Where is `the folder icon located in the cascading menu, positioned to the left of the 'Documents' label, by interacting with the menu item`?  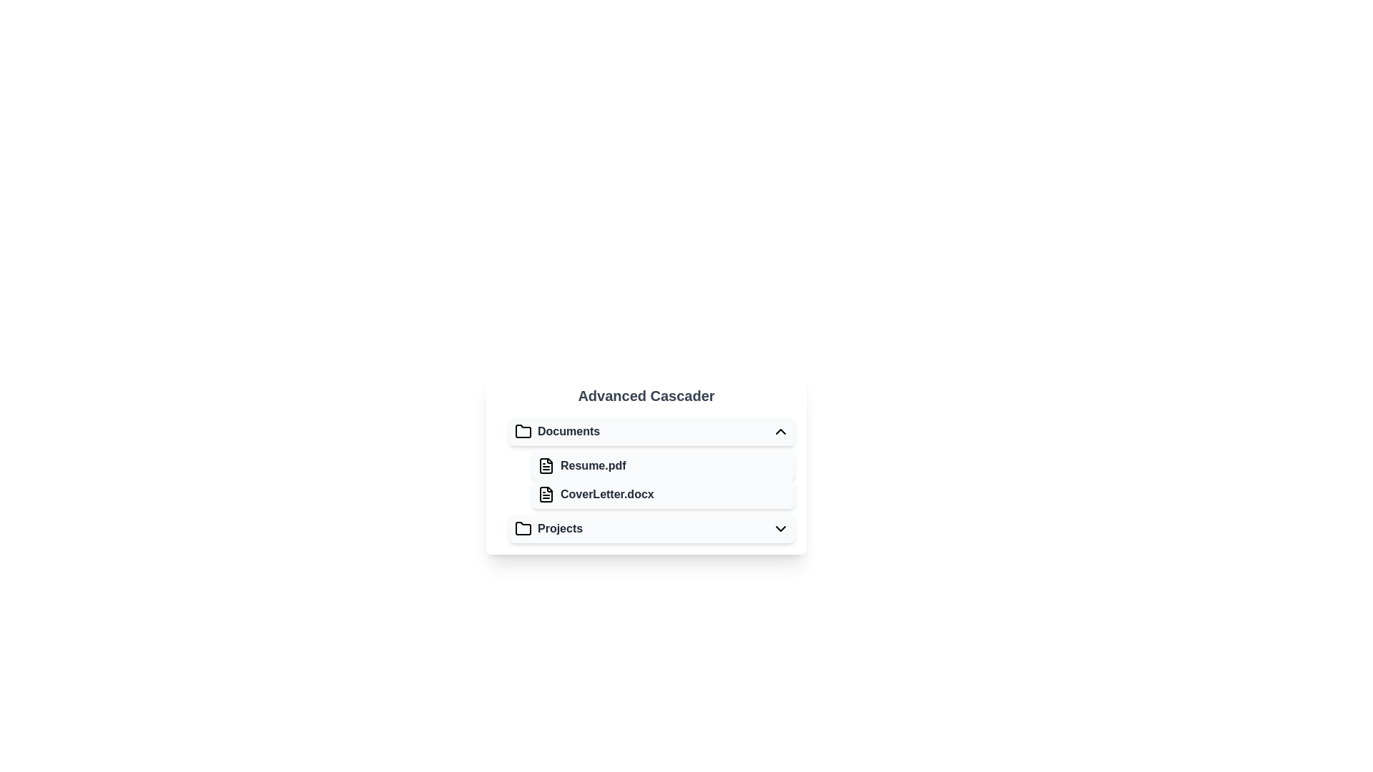
the folder icon located in the cascading menu, positioned to the left of the 'Documents' label, by interacting with the menu item is located at coordinates (522, 430).